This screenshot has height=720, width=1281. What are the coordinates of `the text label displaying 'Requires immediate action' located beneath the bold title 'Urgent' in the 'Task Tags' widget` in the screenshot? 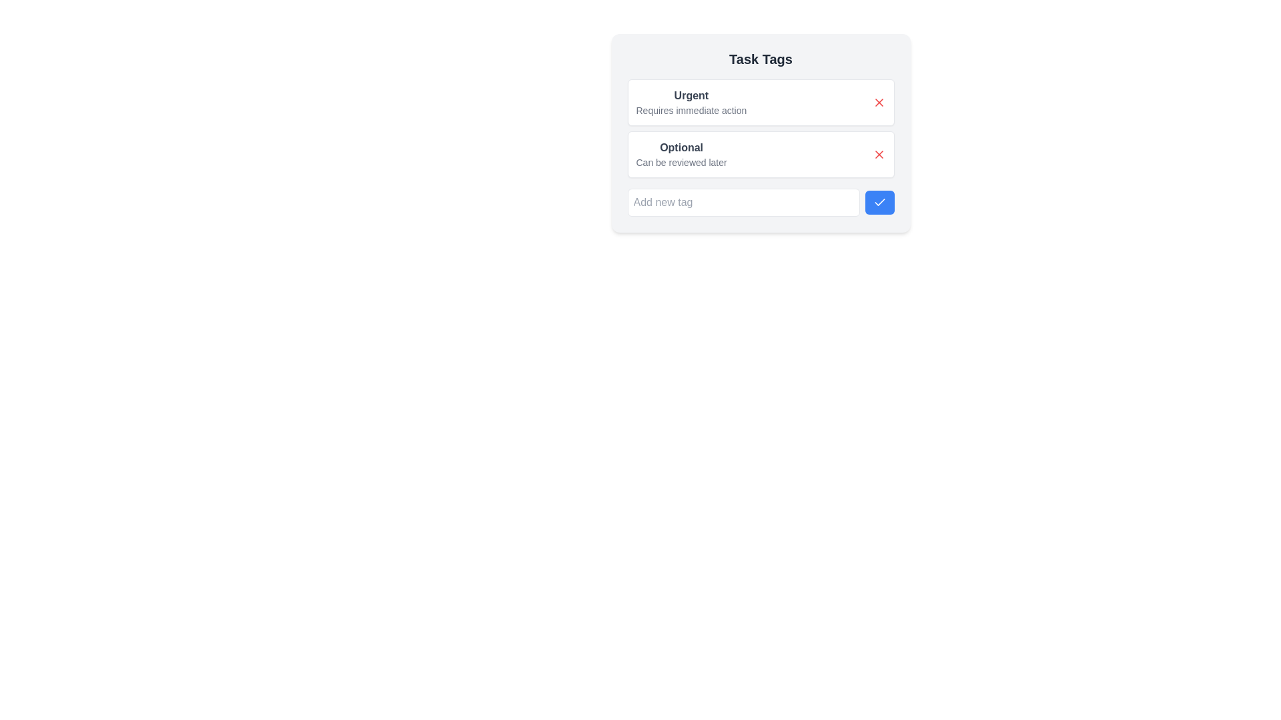 It's located at (691, 109).